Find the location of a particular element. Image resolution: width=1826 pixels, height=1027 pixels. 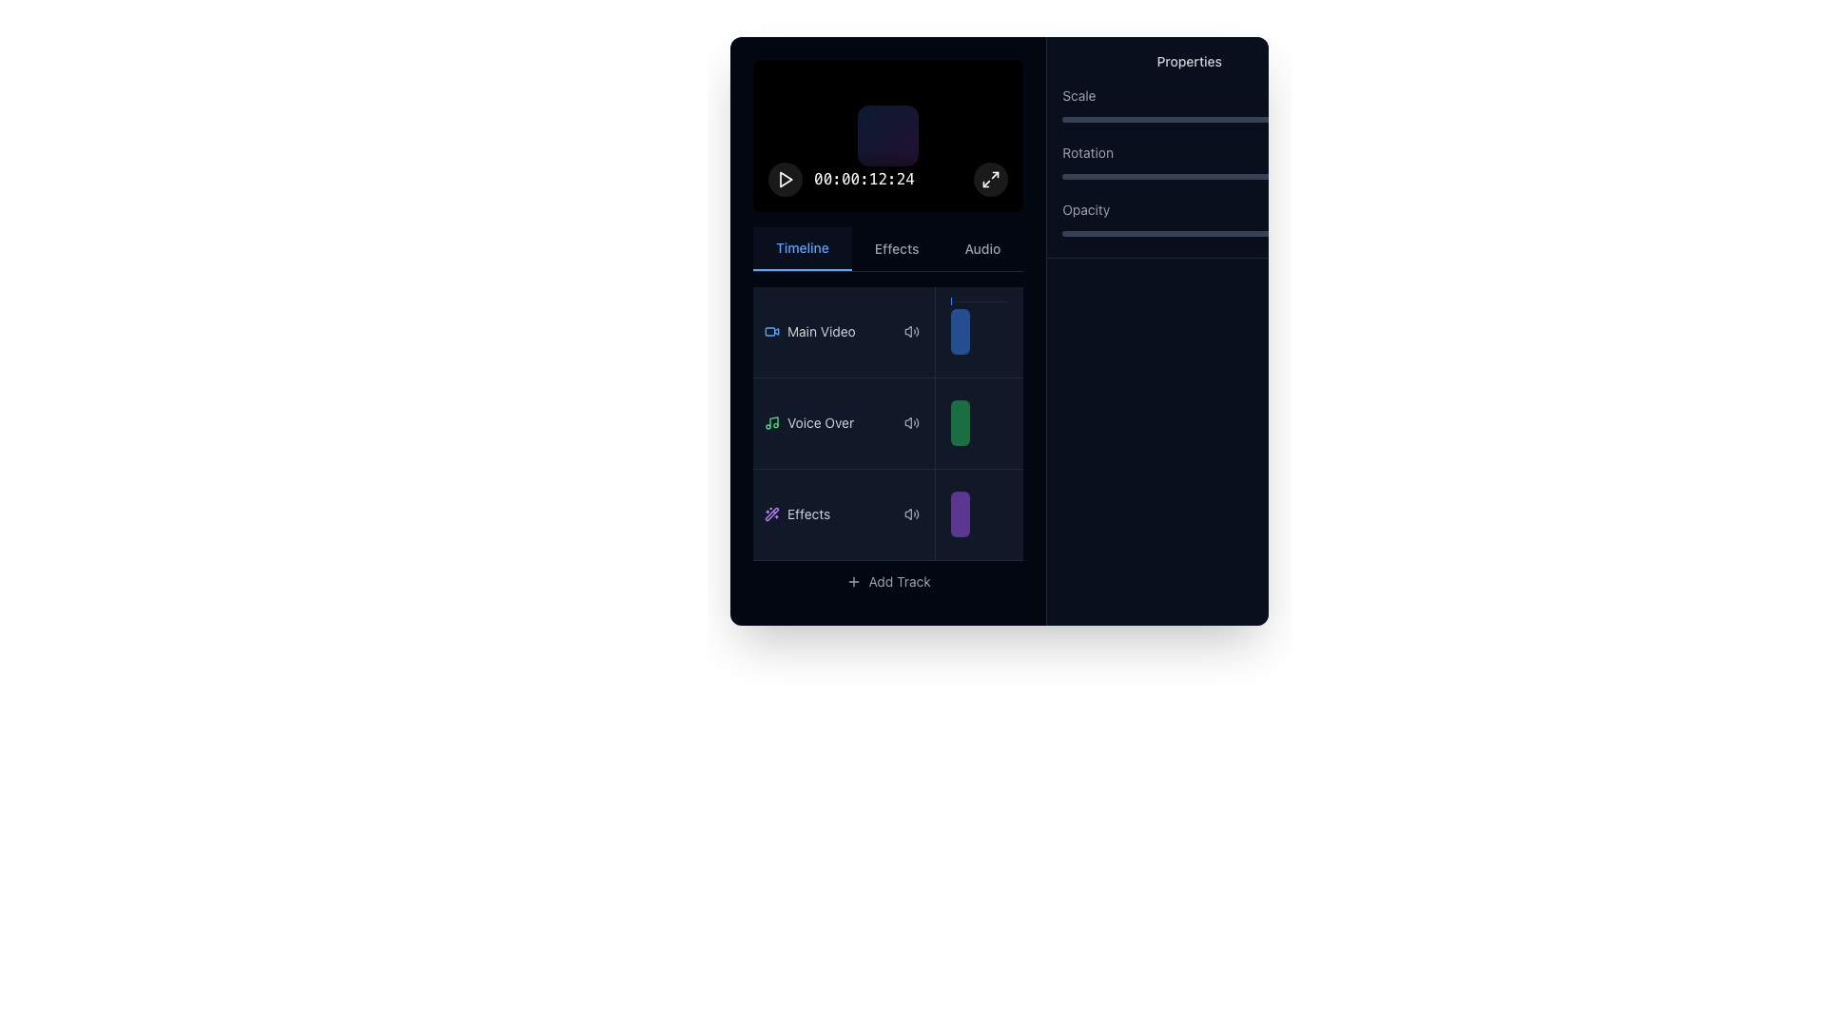

the primary video track label in the timeline editor located in the sidebar menu on the left side, positioned beneath the 'Timeline' tab is located at coordinates (809, 331).